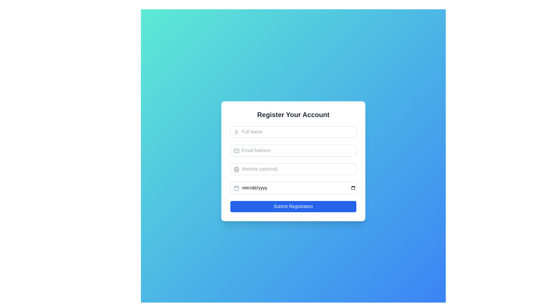 The height and width of the screenshot is (304, 540). What do you see at coordinates (236, 188) in the screenshot?
I see `the calendar icon located to the left of the date input field in the registration form via keyboard navigation if it is focusable` at bounding box center [236, 188].